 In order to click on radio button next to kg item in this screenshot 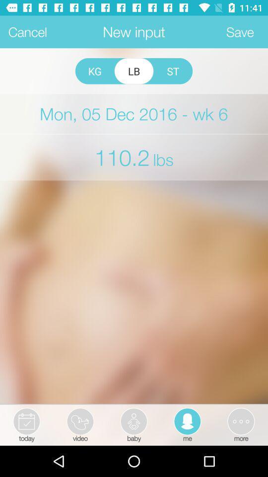, I will do `click(134, 71)`.